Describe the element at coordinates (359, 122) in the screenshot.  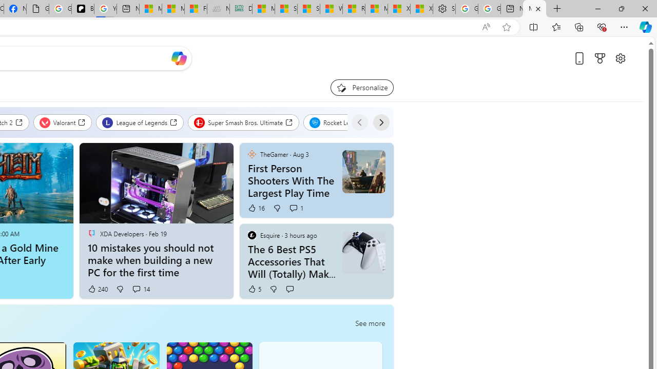
I see `'Previous'` at that location.